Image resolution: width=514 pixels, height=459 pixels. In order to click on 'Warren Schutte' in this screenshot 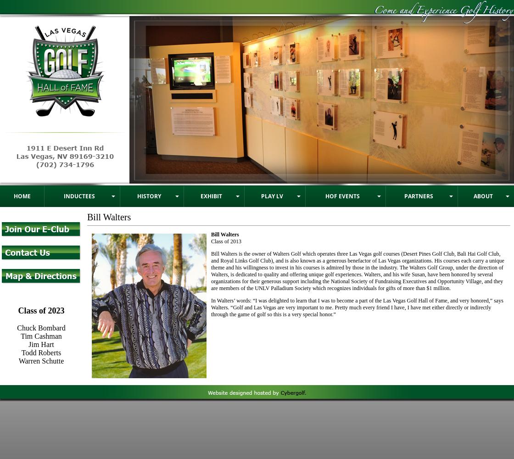, I will do `click(41, 360)`.